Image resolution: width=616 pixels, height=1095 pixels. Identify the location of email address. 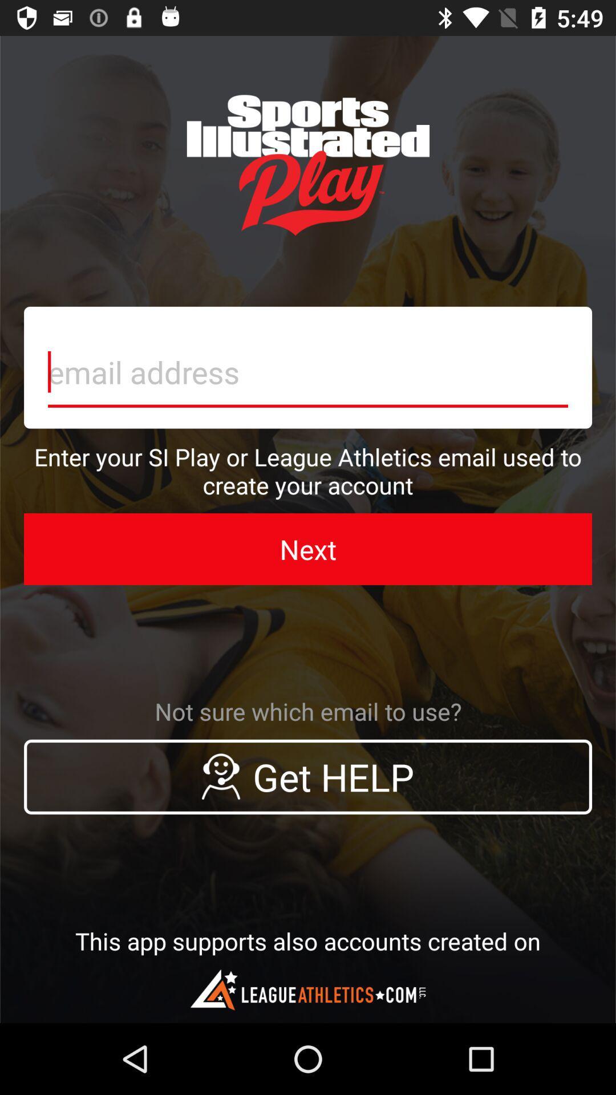
(308, 367).